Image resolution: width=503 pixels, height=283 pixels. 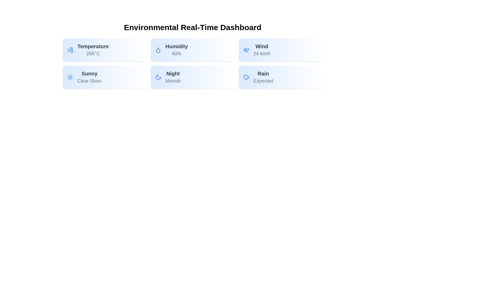 What do you see at coordinates (71, 50) in the screenshot?
I see `the thermometer icon located on the leftmost side of the top row of the dashboard, adjacent to the 'Temperature' text displaying '28°C'` at bounding box center [71, 50].